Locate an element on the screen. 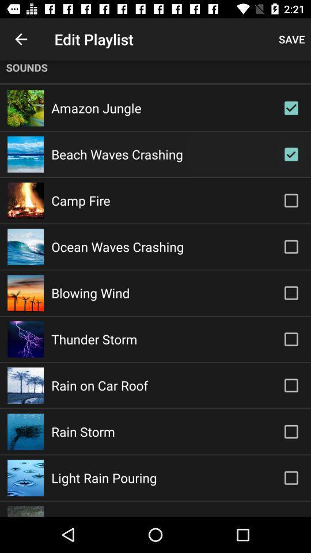 The height and width of the screenshot is (553, 311). the icon left side of light rain pouring is located at coordinates (25, 478).